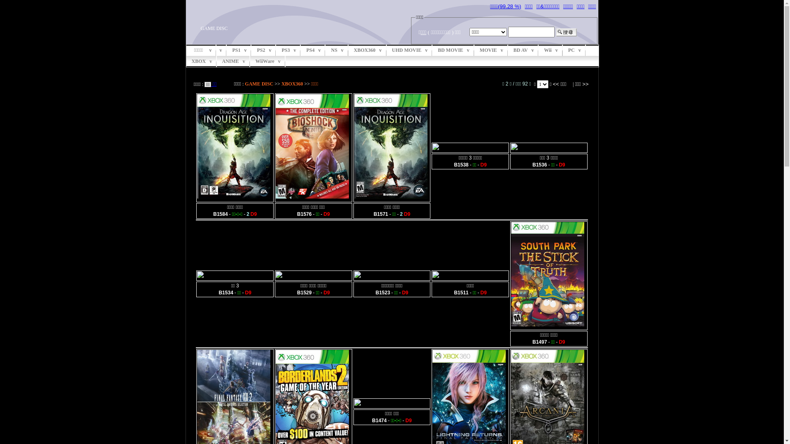 The image size is (790, 444). Describe the element at coordinates (574, 50) in the screenshot. I see `'  PC  '` at that location.